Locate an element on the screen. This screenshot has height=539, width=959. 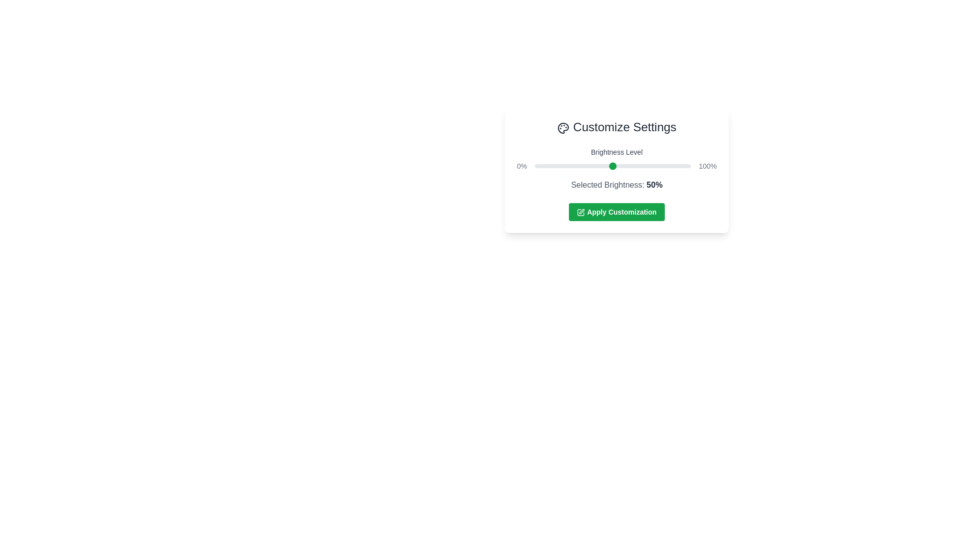
the brightness is located at coordinates (641, 165).